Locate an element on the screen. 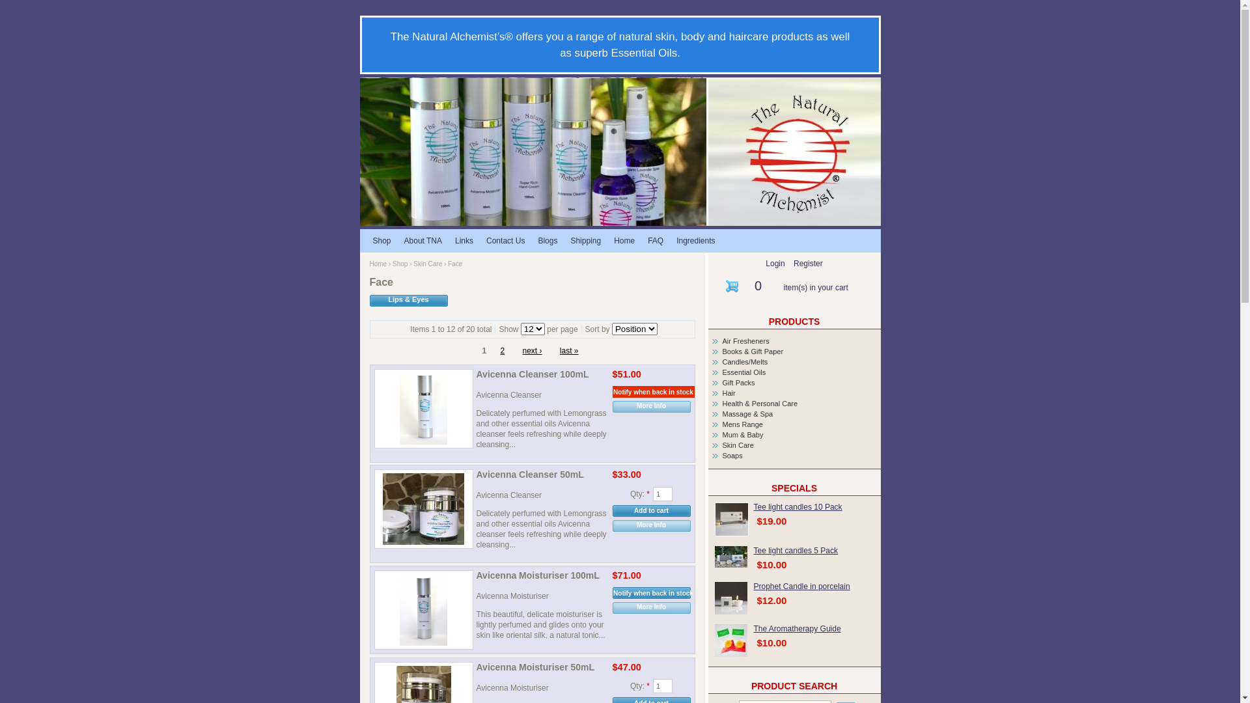  'Add to cart' is located at coordinates (650, 510).